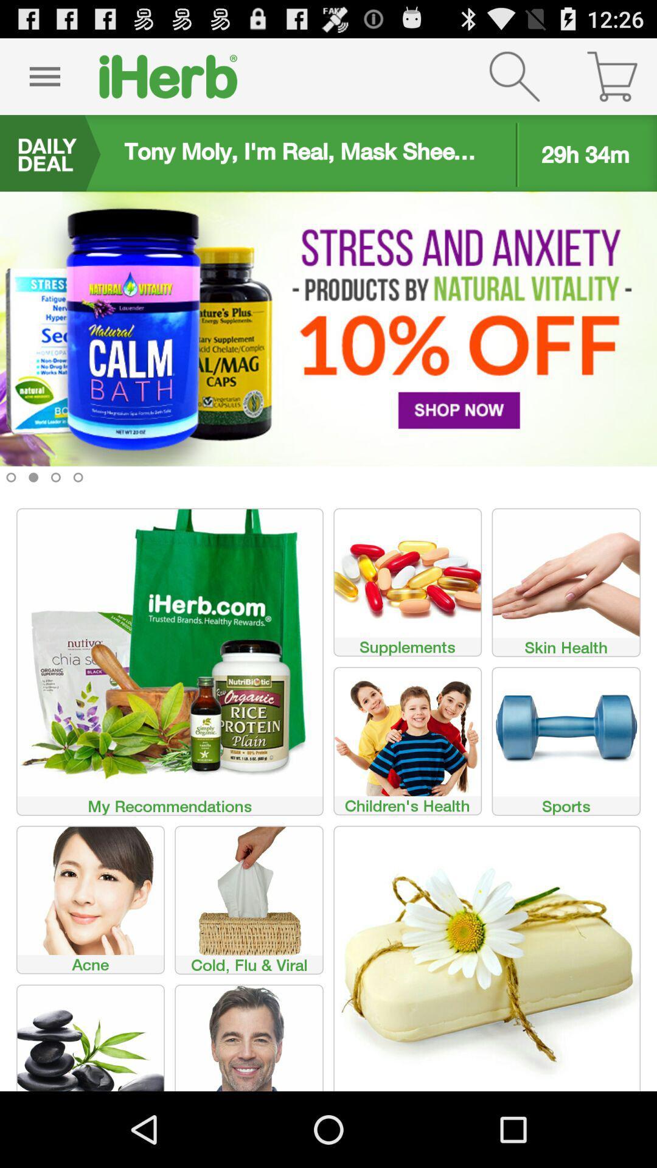 This screenshot has height=1168, width=657. Describe the element at coordinates (44, 75) in the screenshot. I see `click pause button` at that location.